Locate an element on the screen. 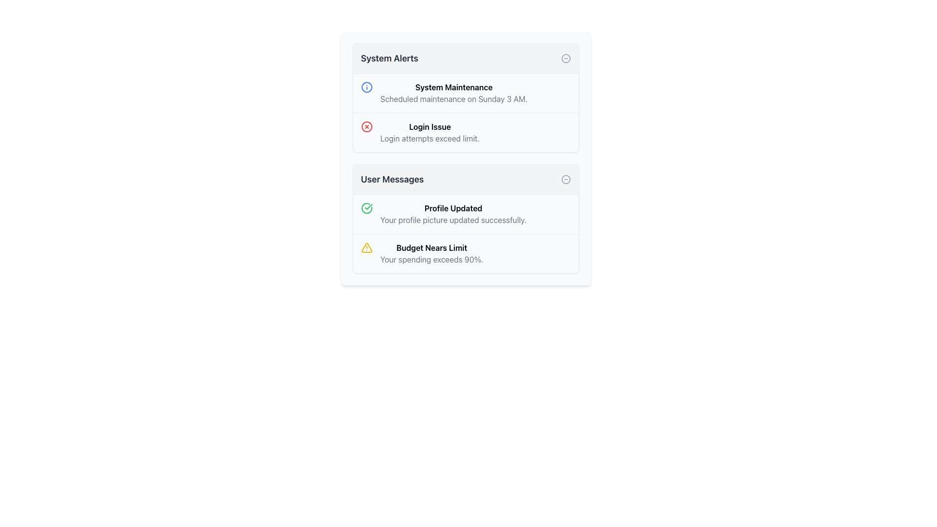 The image size is (937, 527). the notification labeled 'Profile Updated' which indicates successful profile picture update, located under 'User Messages' section is located at coordinates (465, 214).